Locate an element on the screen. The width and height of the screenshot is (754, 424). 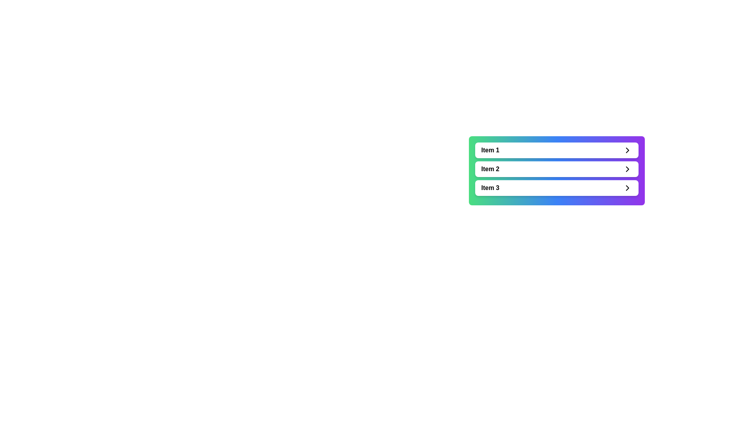
the right-pointing chevron icon indicating forward navigation located in the 'Item 2' section adjacent to the item's text in the middle row of the list is located at coordinates (627, 169).